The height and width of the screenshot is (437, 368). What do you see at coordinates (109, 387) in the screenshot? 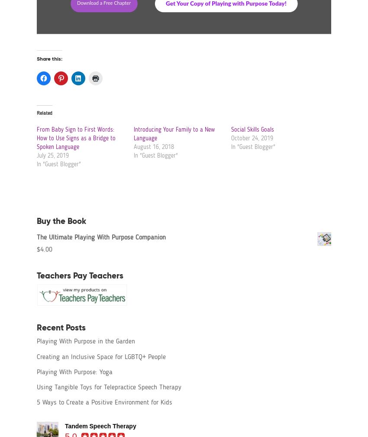
I see `'Using Tangible Toys for Telepractice Speech Therapy'` at bounding box center [109, 387].